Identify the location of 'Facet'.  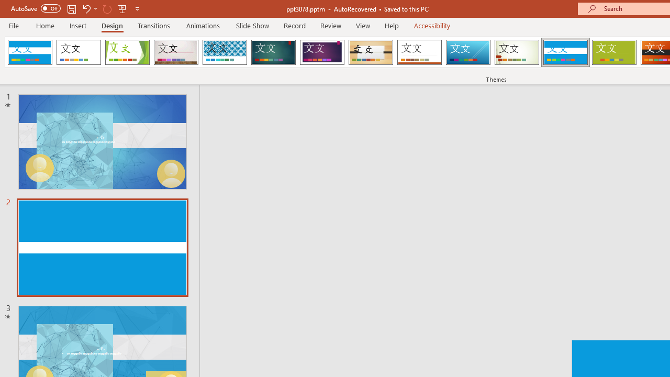
(127, 52).